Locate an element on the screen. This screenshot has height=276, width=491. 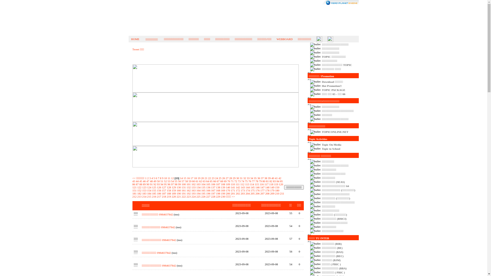
'180' is located at coordinates (277, 190).